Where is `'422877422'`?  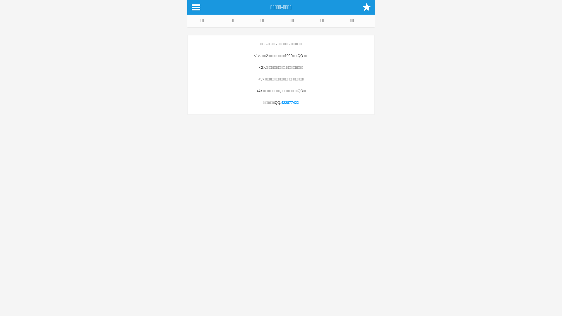
'422877422' is located at coordinates (281, 102).